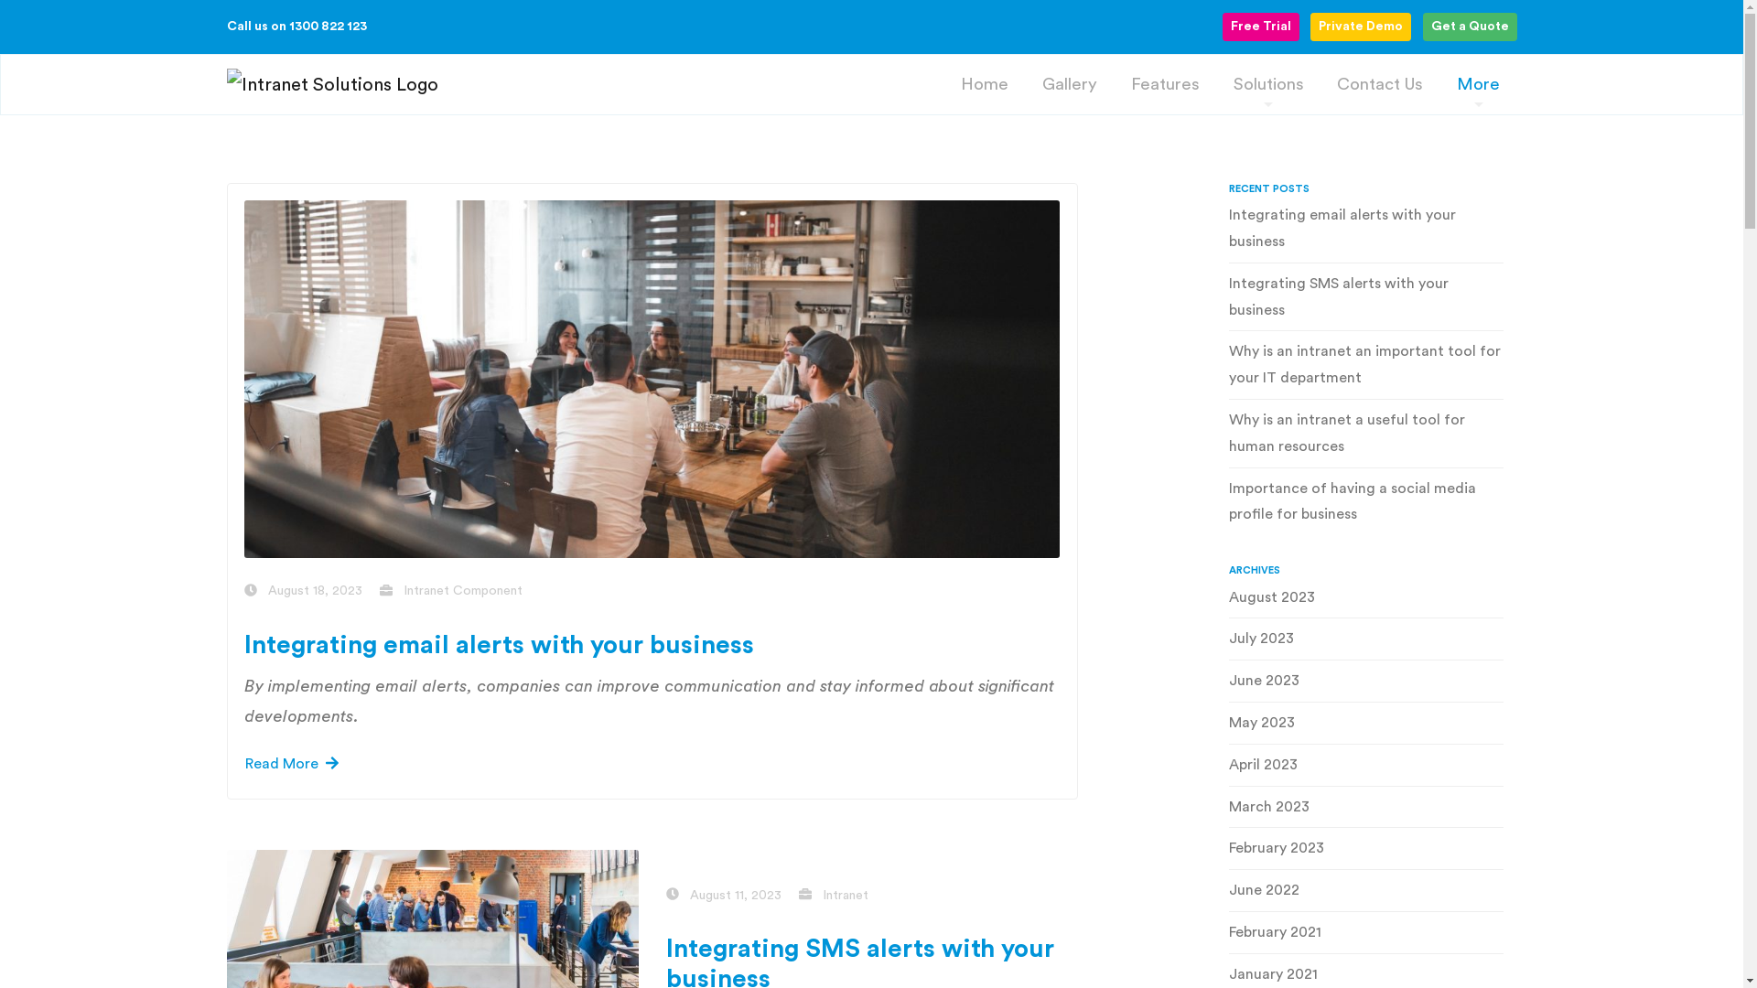  What do you see at coordinates (1259, 27) in the screenshot?
I see `'Free Trial'` at bounding box center [1259, 27].